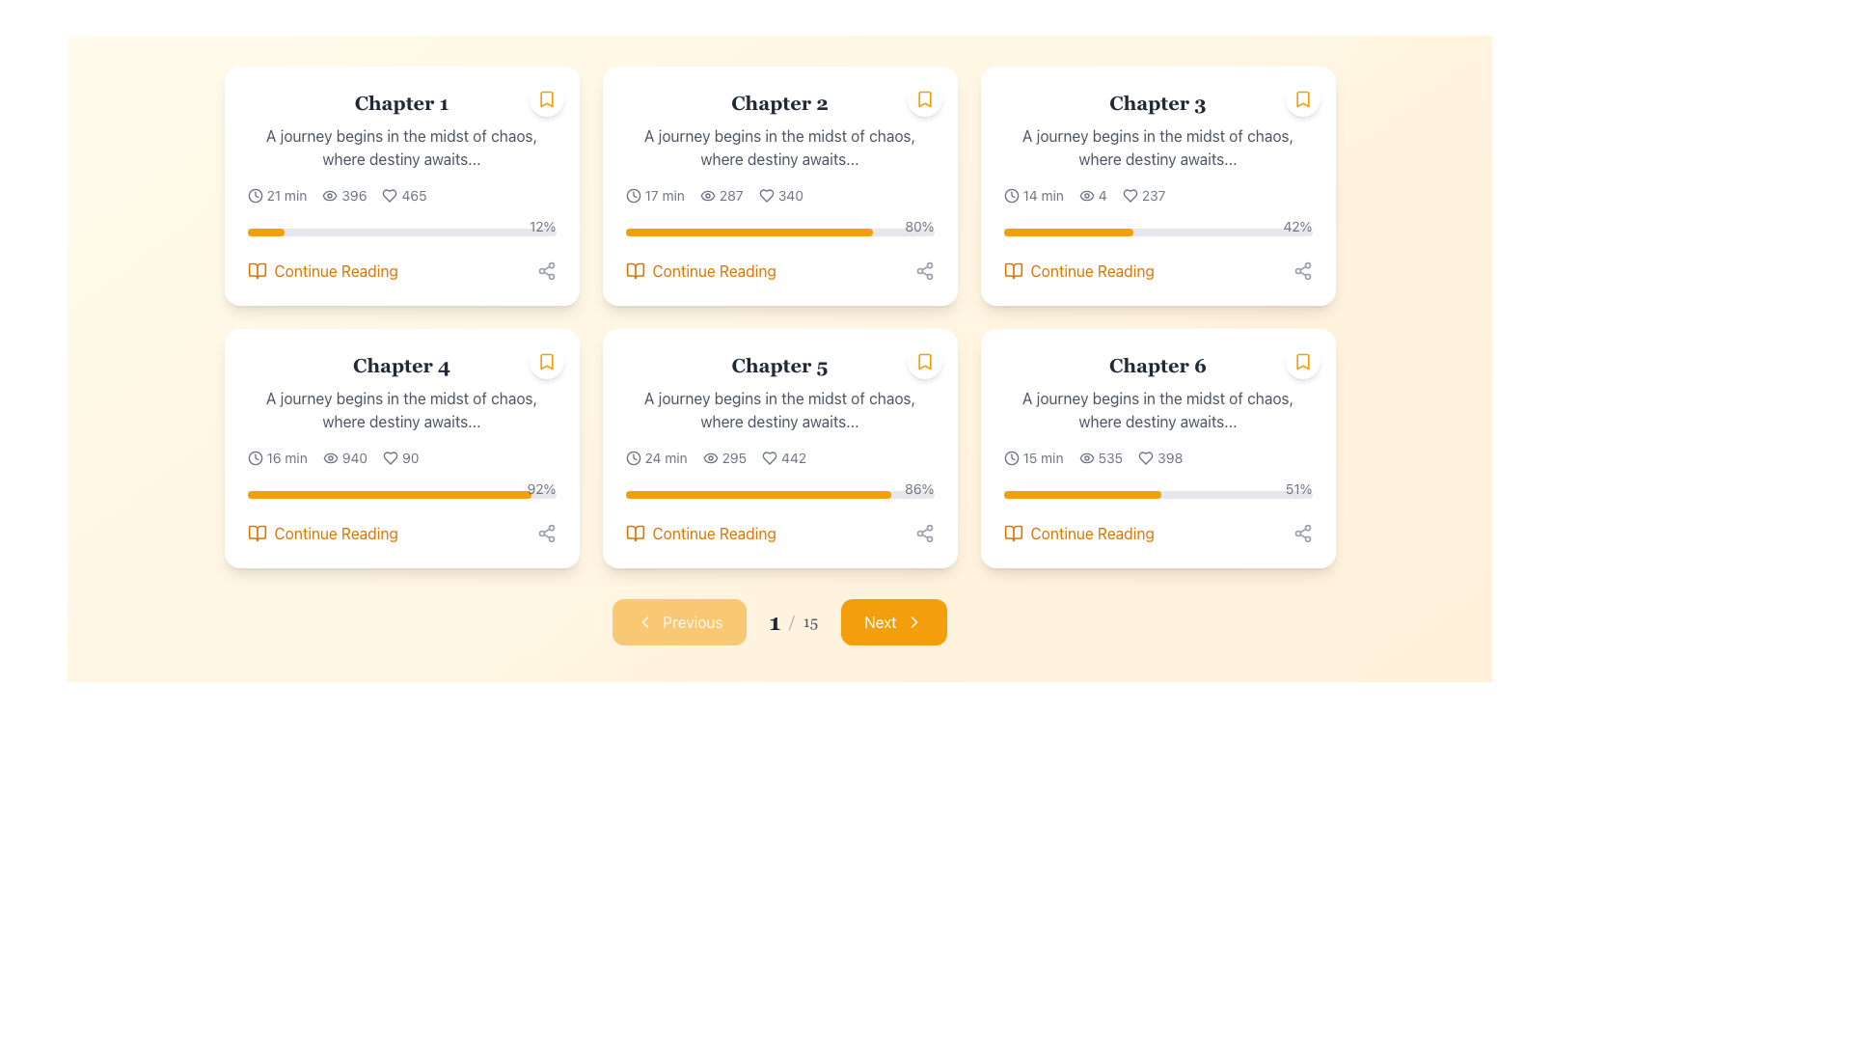 This screenshot has width=1852, height=1042. What do you see at coordinates (400, 490) in the screenshot?
I see `the numerical percentage '92%' of the progress bar located in the 'Chapter 4' card` at bounding box center [400, 490].